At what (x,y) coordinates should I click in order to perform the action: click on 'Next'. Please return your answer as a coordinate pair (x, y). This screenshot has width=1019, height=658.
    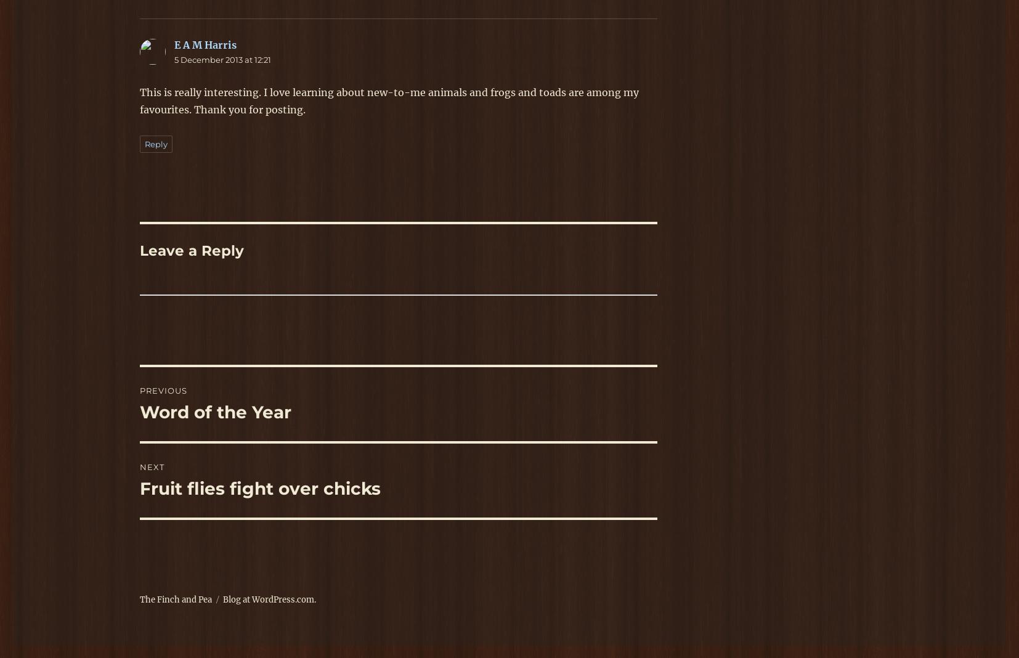
    Looking at the image, I should click on (139, 466).